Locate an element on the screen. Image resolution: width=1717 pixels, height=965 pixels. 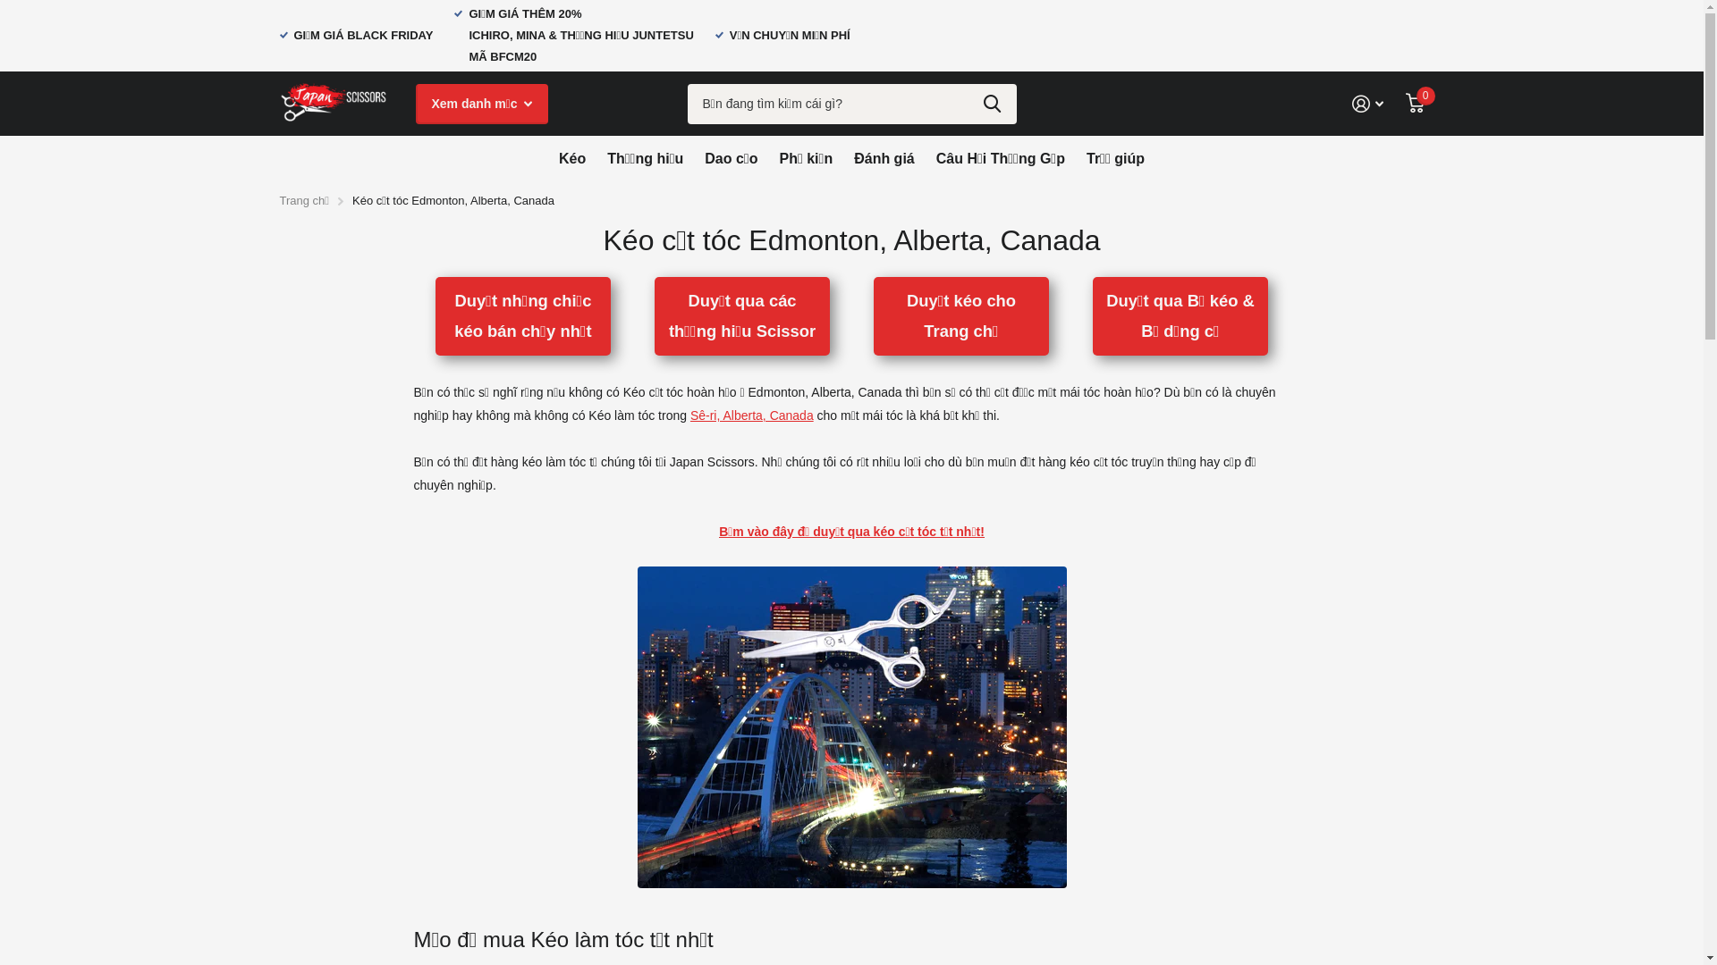
'0' is located at coordinates (1414, 103).